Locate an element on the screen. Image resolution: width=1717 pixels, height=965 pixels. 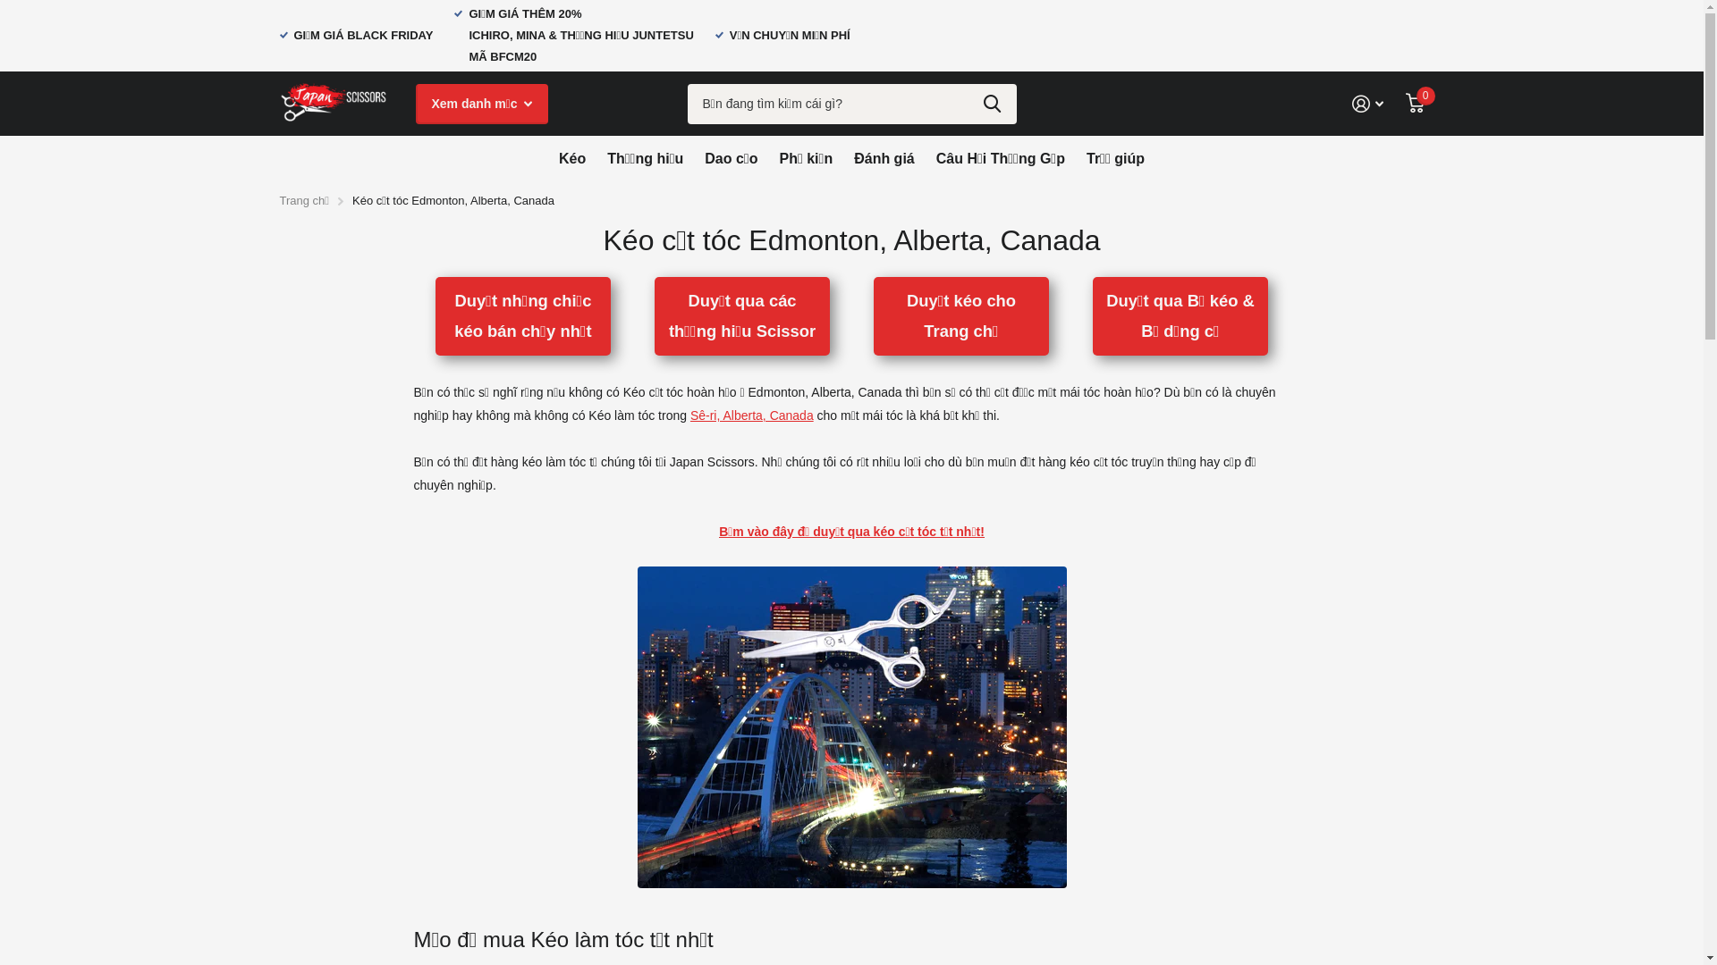
'0' is located at coordinates (1414, 103).